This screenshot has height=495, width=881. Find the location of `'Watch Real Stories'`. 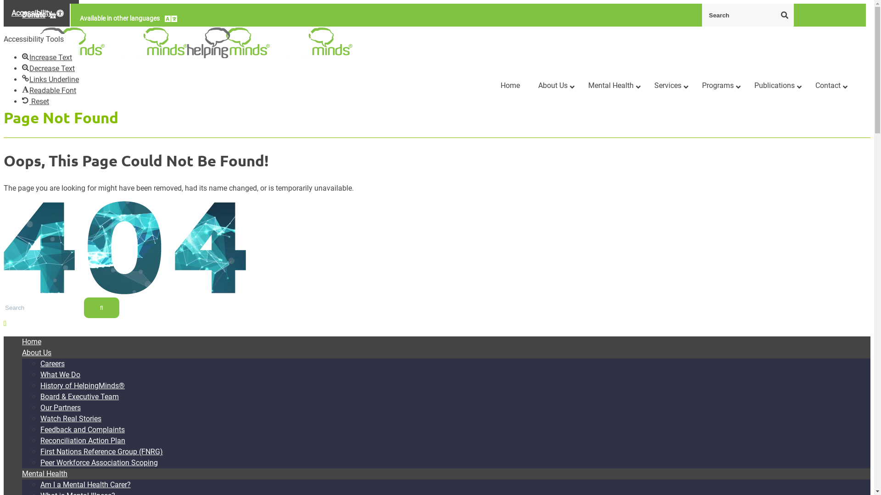

'Watch Real Stories' is located at coordinates (70, 418).